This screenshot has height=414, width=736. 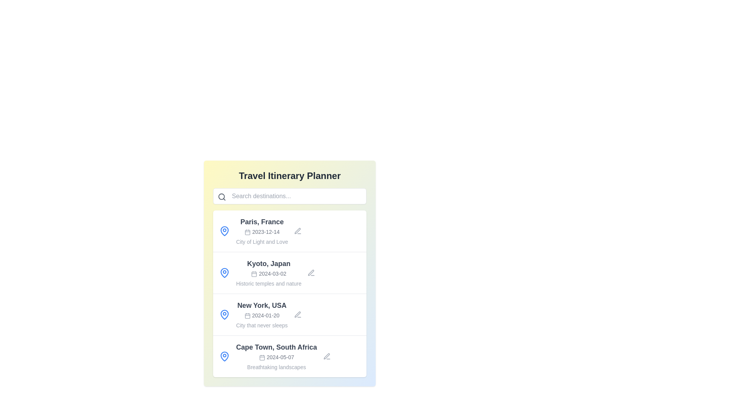 I want to click on the pen-shaped icon button associated with the edit function located on the far right of the entry labeled 'New York, USA', so click(x=297, y=315).